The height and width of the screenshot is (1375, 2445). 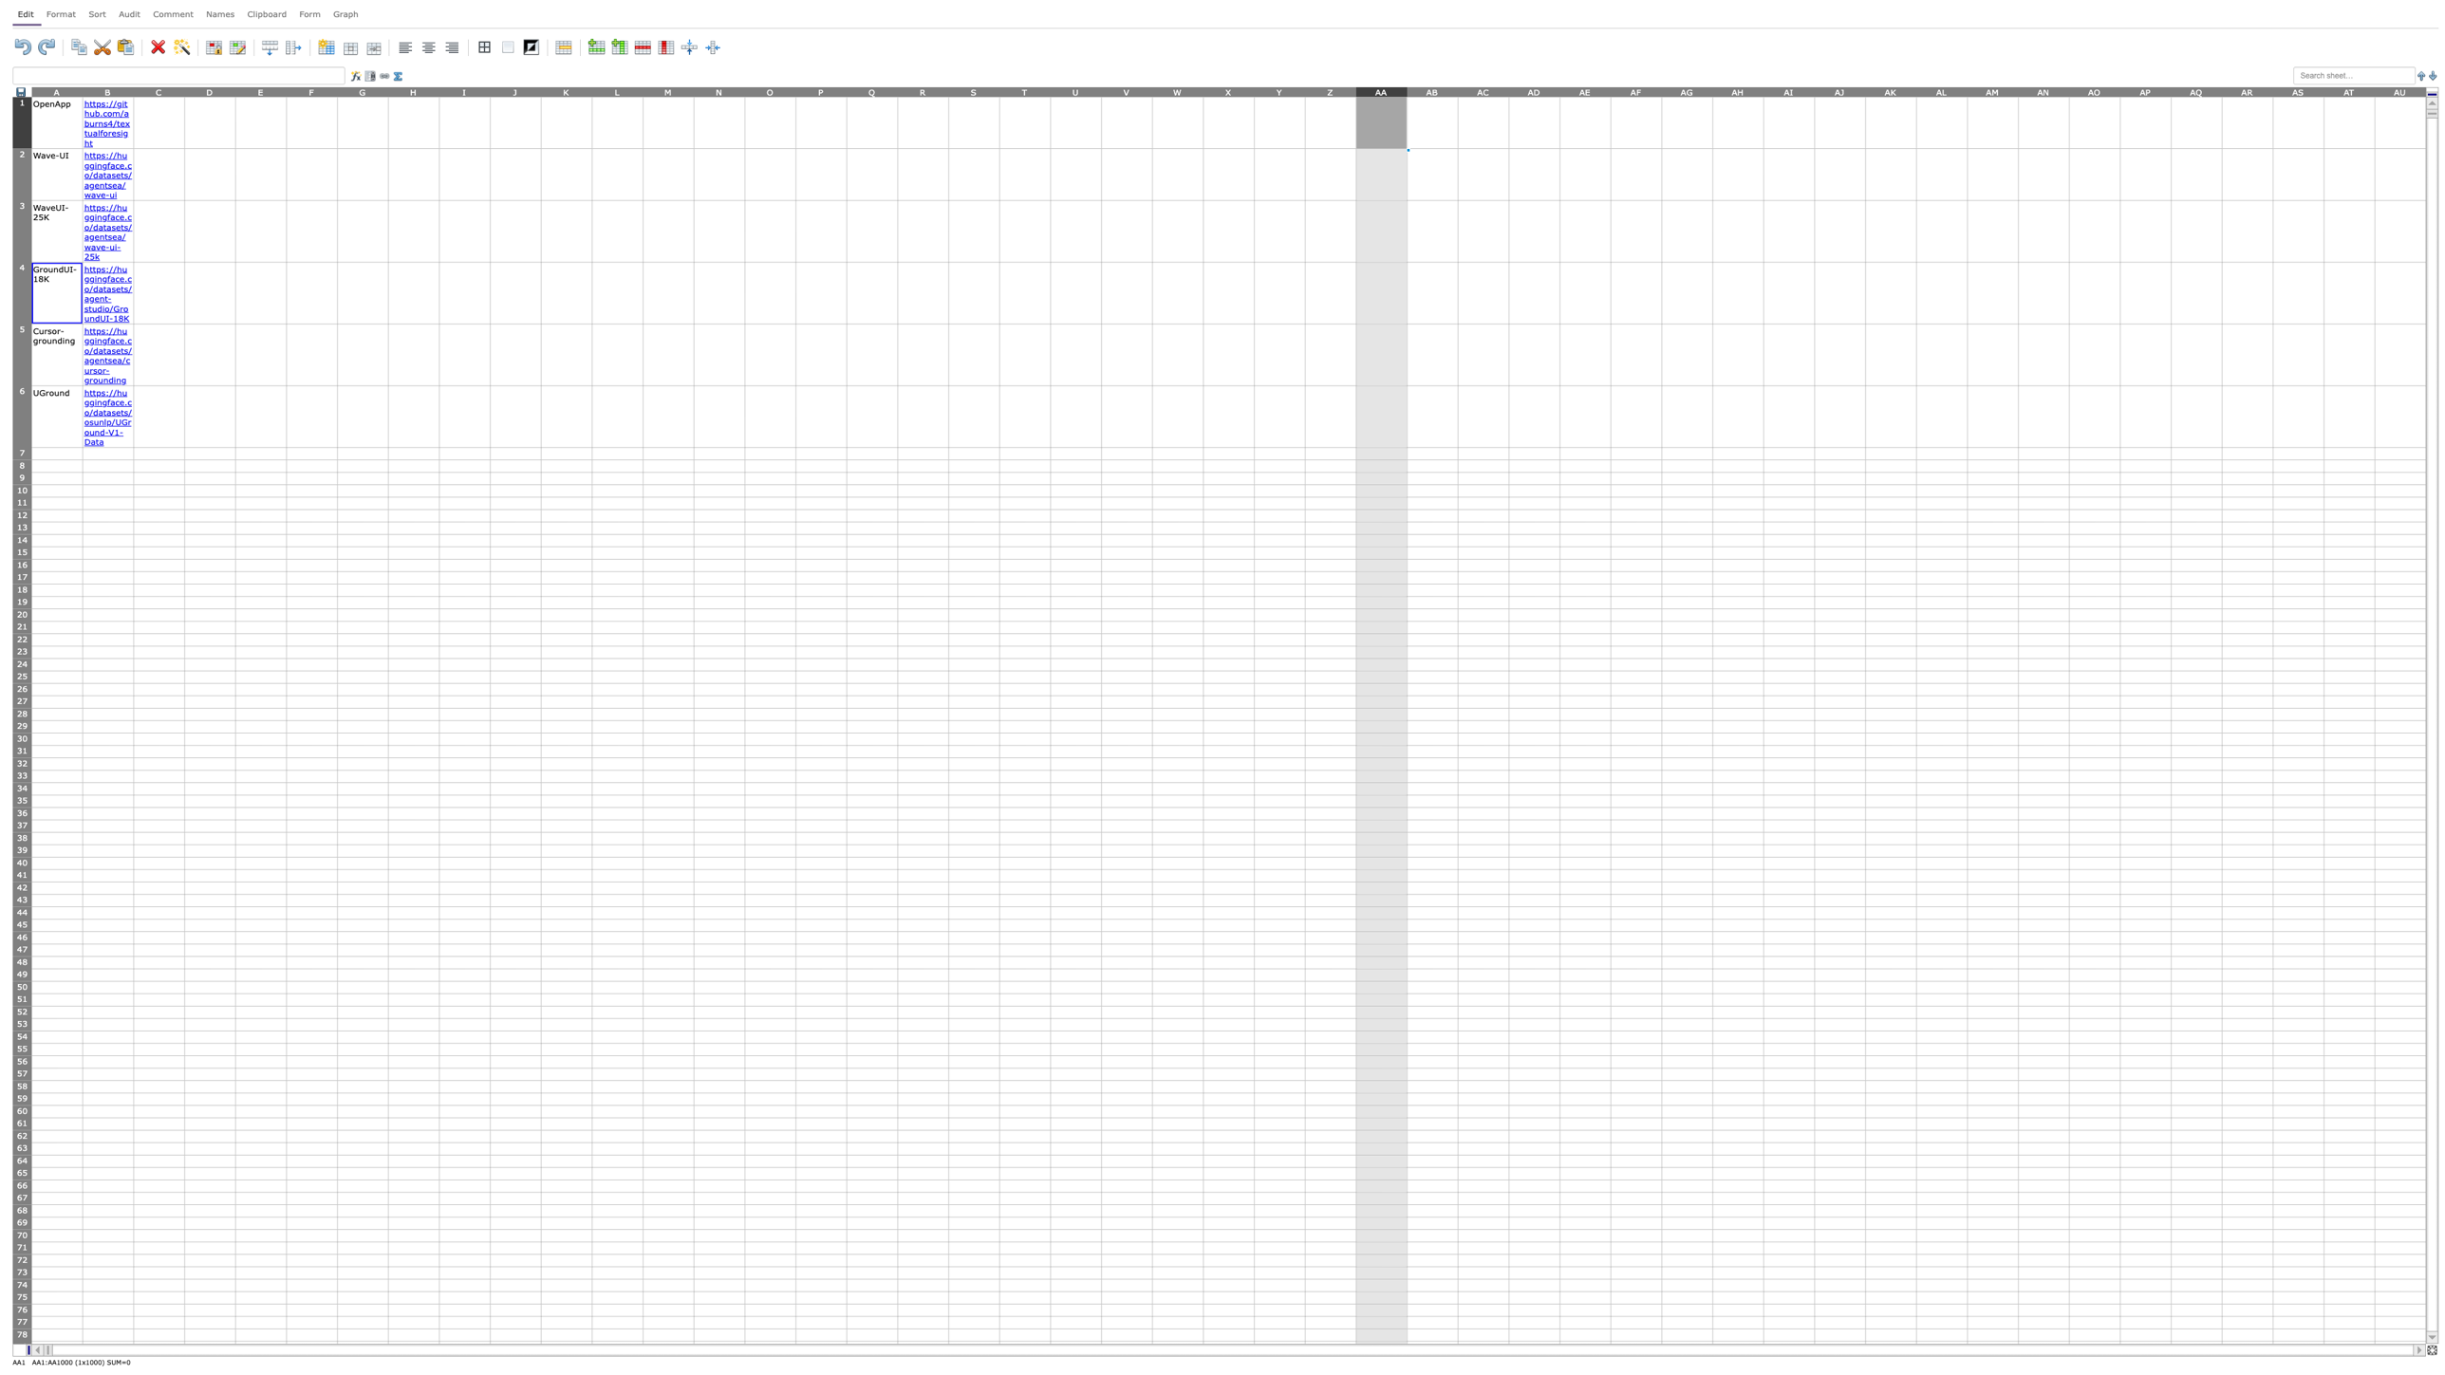 I want to click on column AB, so click(x=1431, y=90).